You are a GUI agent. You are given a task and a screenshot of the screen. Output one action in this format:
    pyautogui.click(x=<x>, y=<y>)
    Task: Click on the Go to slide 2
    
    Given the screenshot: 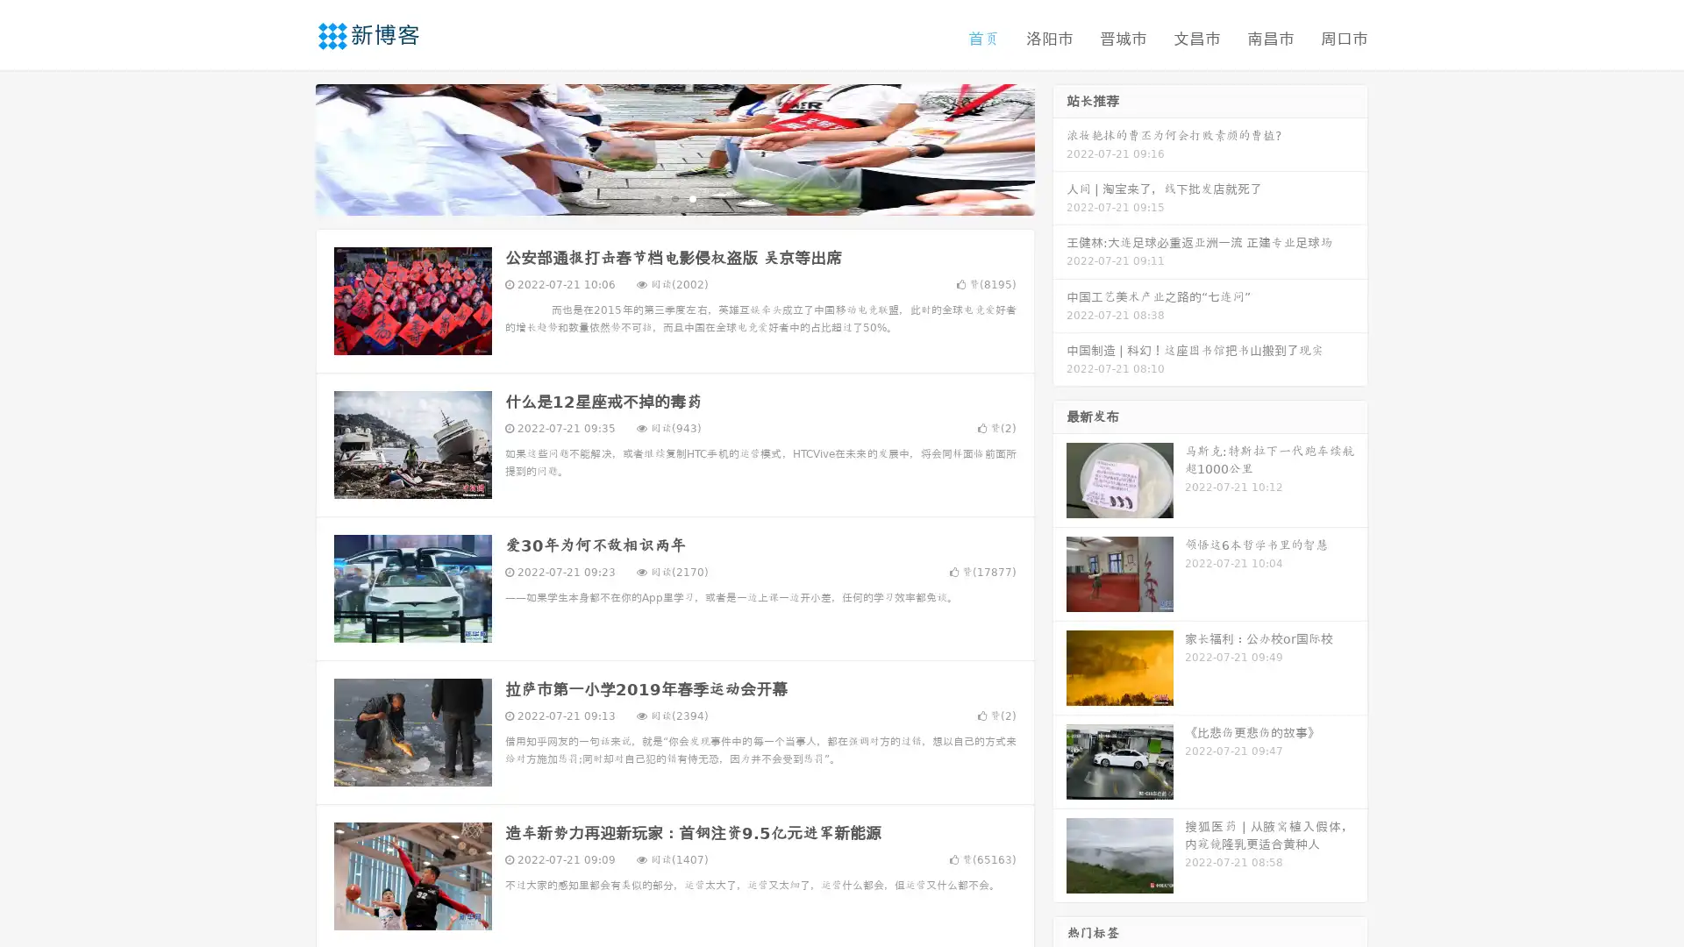 What is the action you would take?
    pyautogui.click(x=674, y=197)
    